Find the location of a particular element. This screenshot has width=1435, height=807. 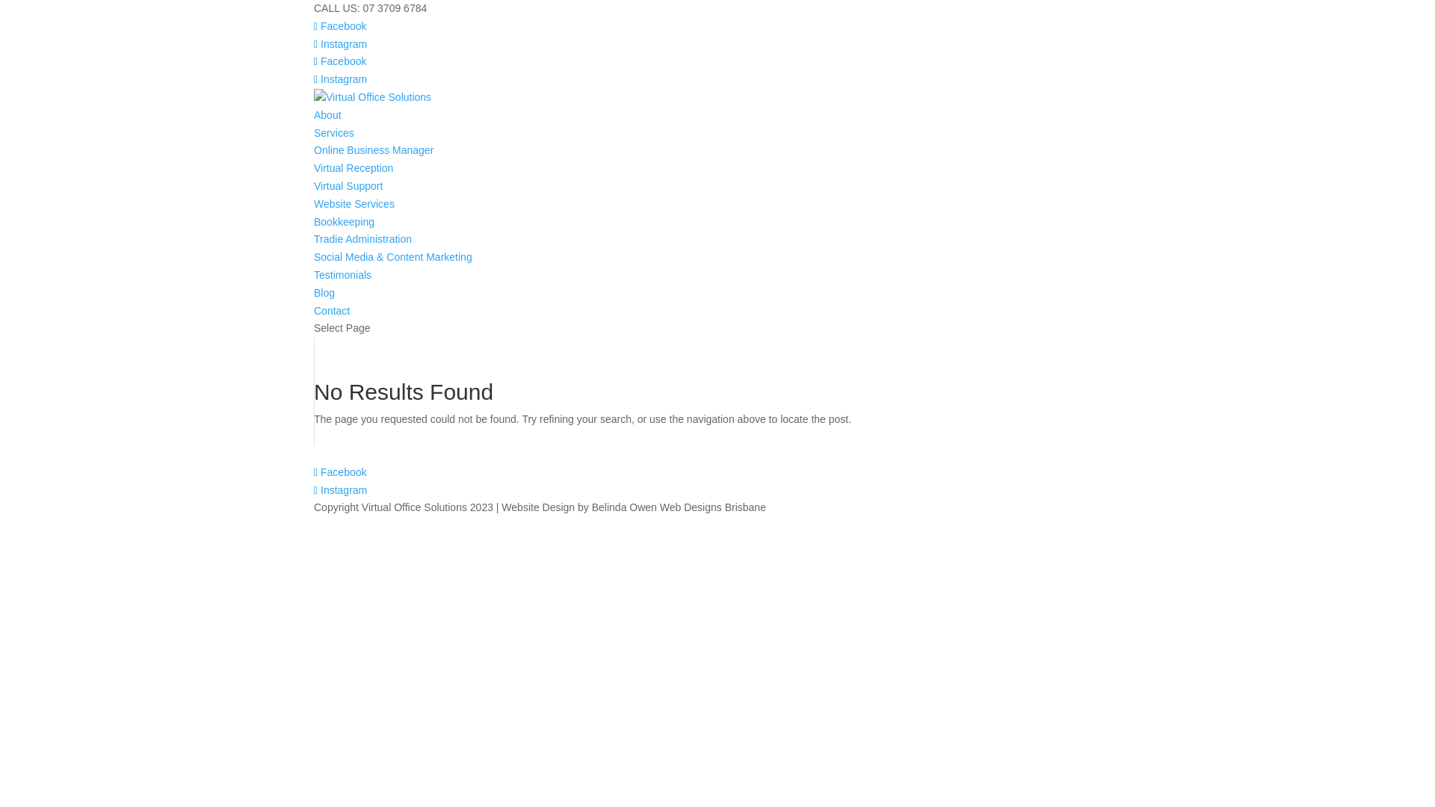

'Testimonials' is located at coordinates (313, 274).